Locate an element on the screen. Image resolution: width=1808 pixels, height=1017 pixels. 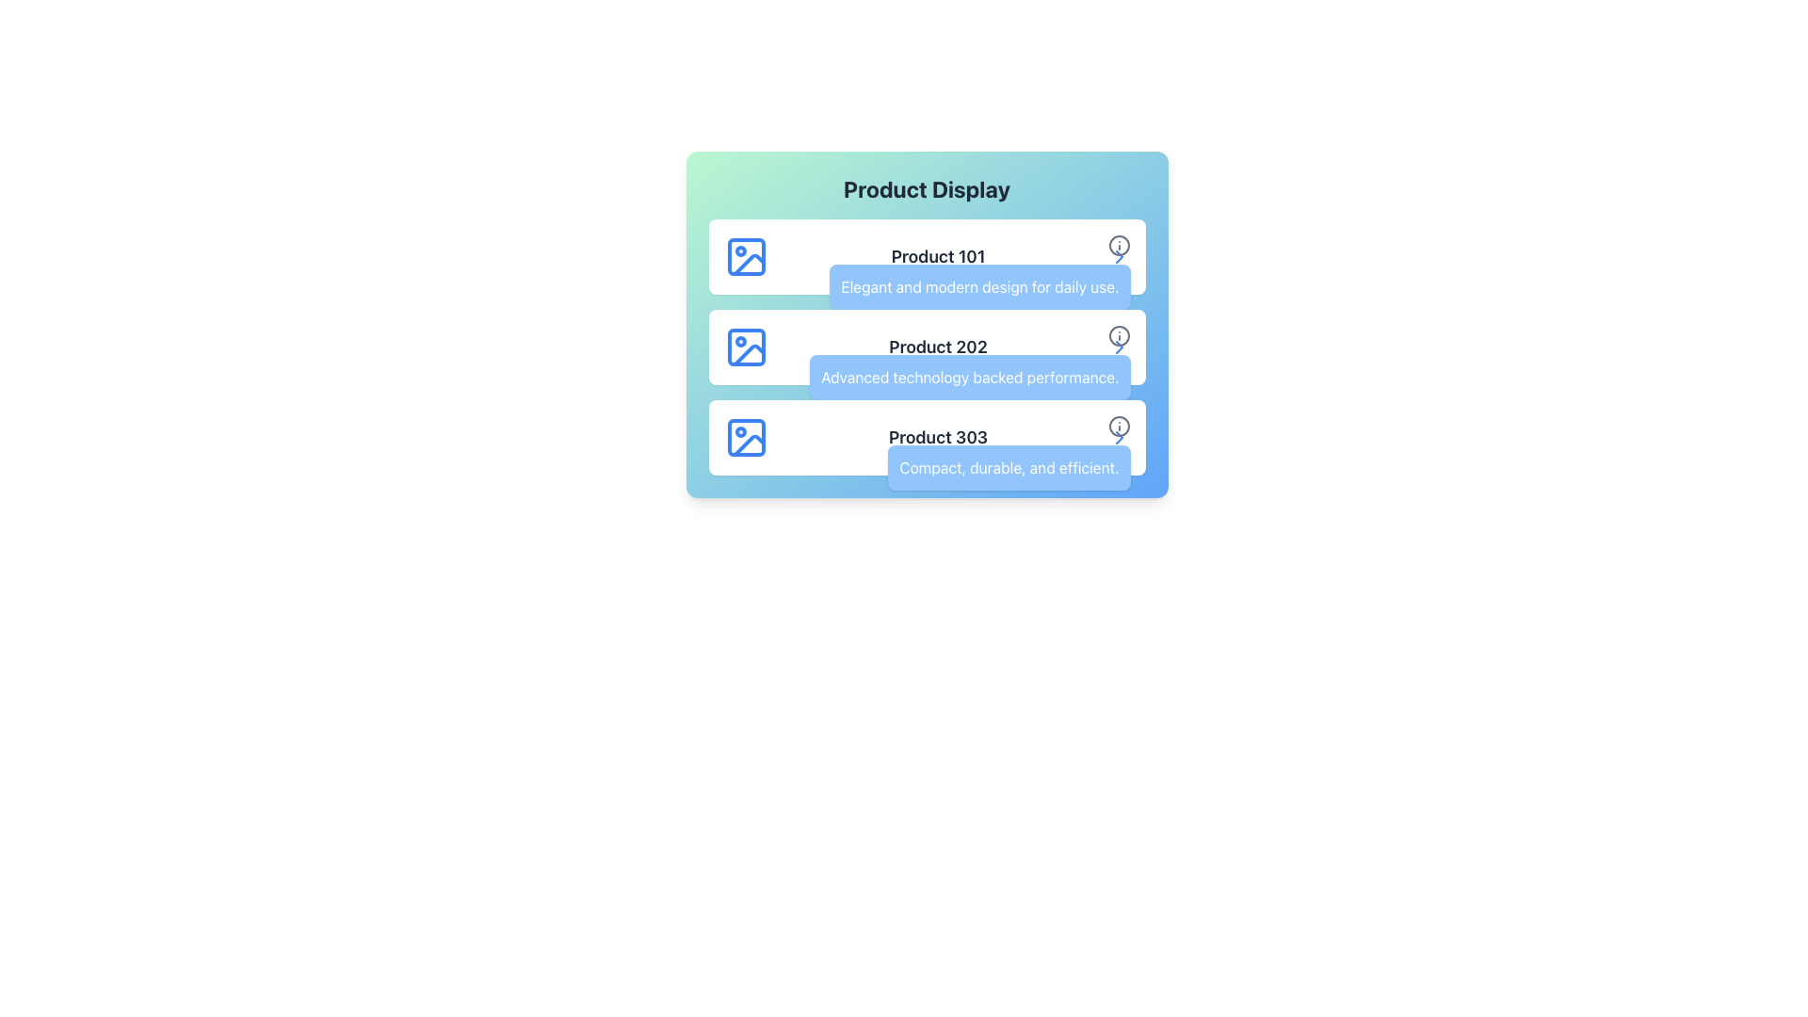
the information icon located at the top-right corner of the 'Product 303' box is located at coordinates (1119, 426).